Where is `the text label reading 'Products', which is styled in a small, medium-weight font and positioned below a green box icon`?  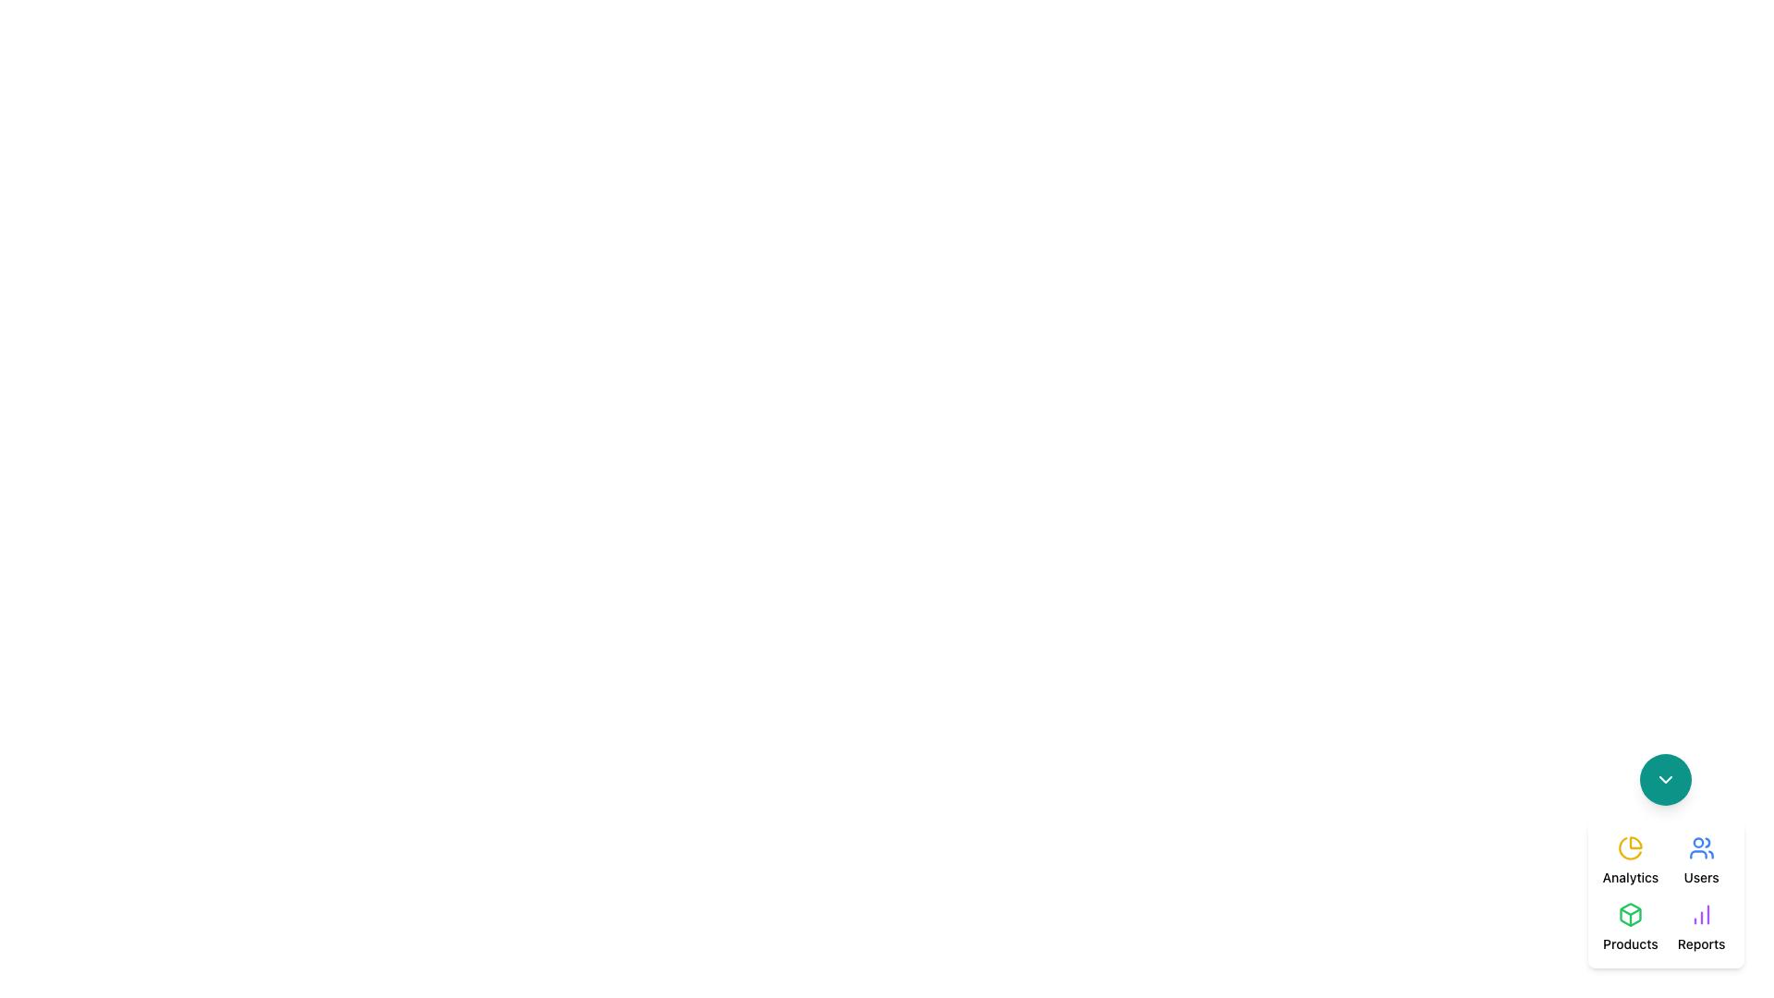 the text label reading 'Products', which is styled in a small, medium-weight font and positioned below a green box icon is located at coordinates (1631, 944).